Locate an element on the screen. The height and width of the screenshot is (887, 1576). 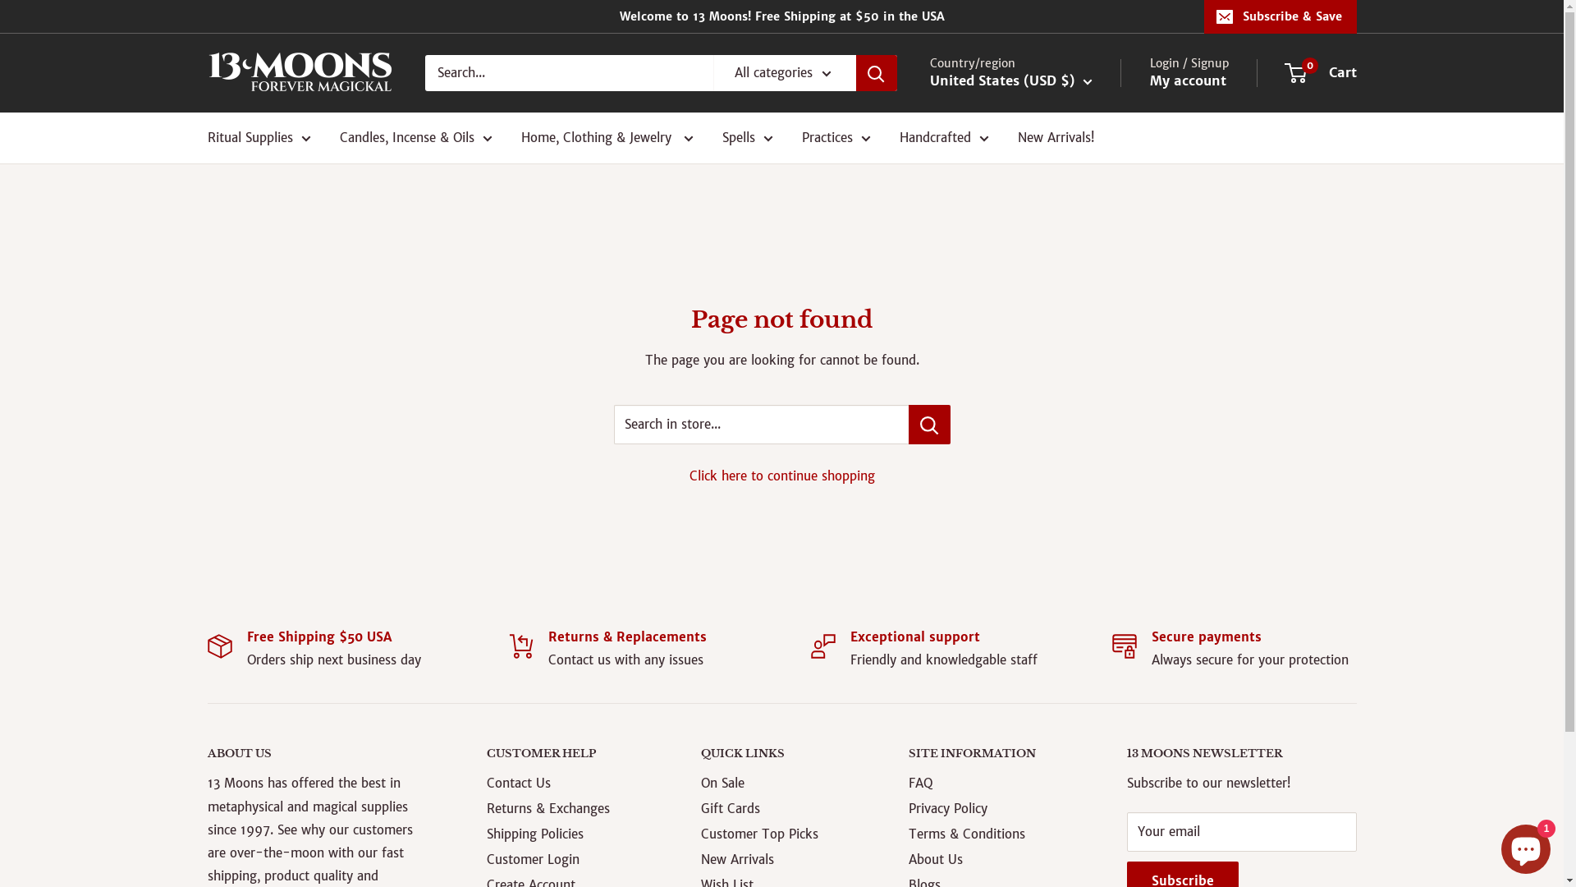
'Handcrafted' is located at coordinates (944, 137).